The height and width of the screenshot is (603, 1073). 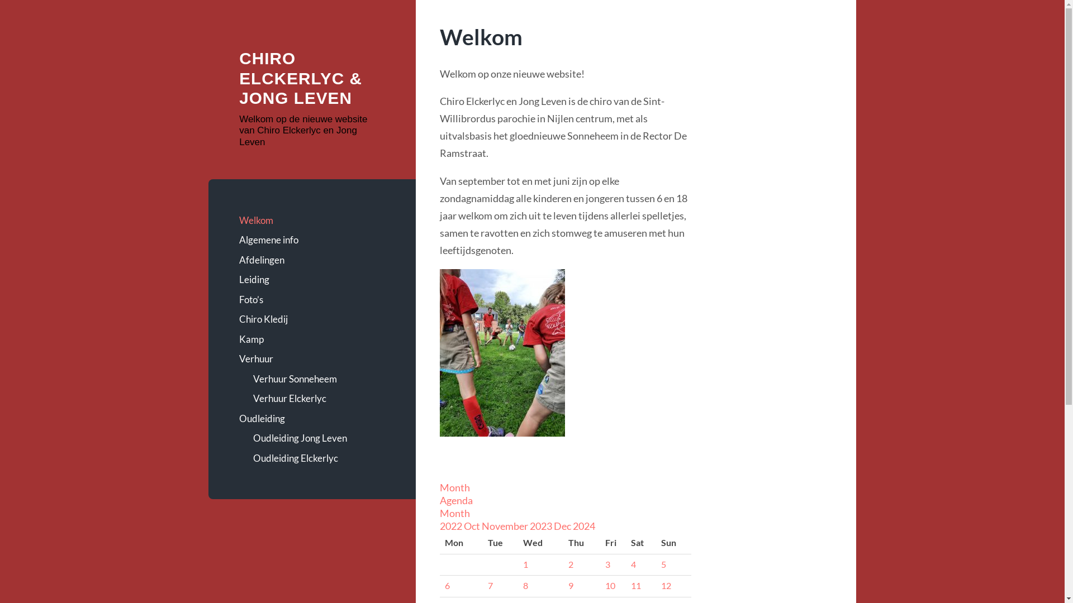 I want to click on 'Algemene info', so click(x=311, y=239).